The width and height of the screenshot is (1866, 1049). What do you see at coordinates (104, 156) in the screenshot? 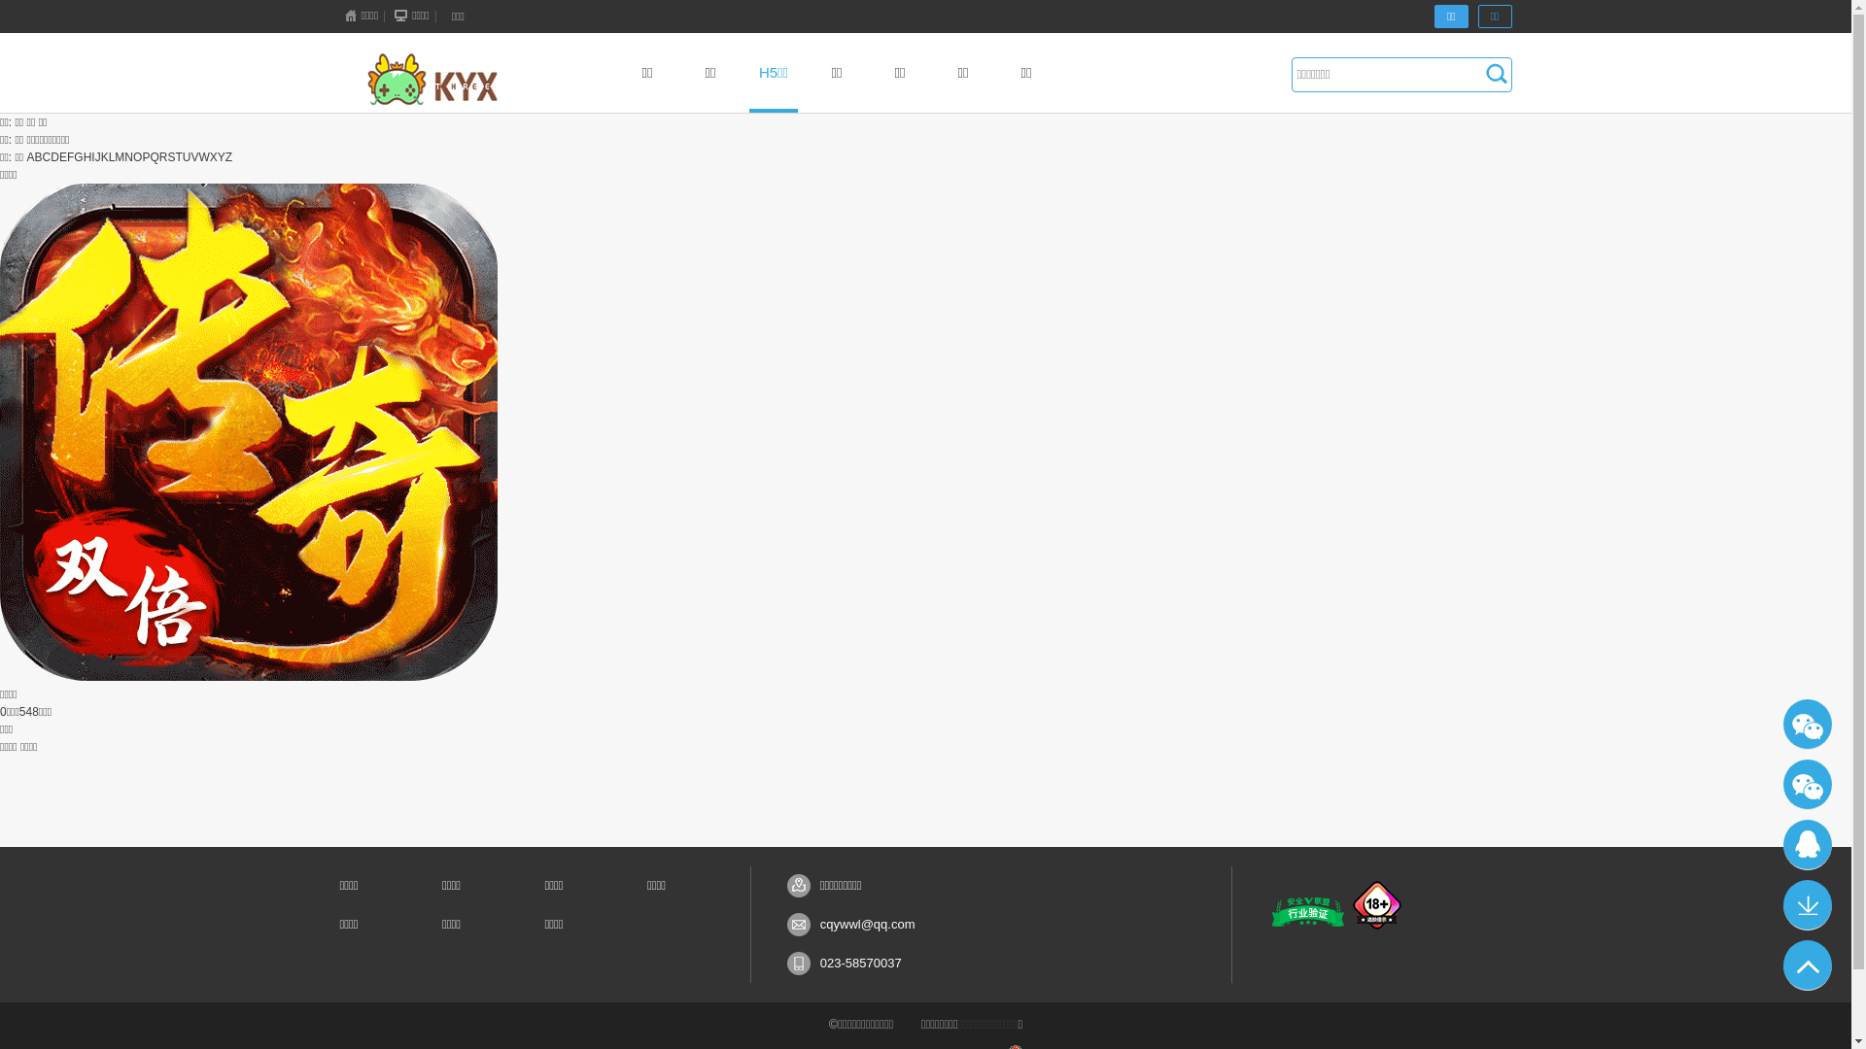
I see `'K'` at bounding box center [104, 156].